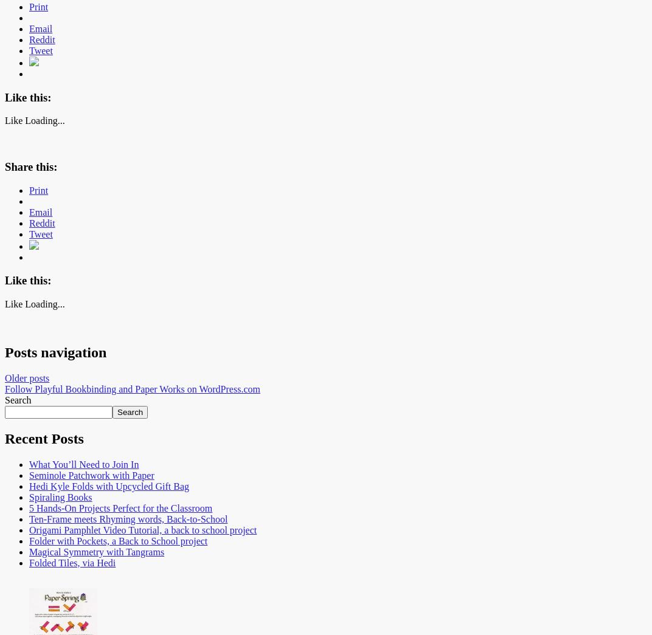  I want to click on 'Follow Playful Bookbinding and Paper Works on WordPress.com', so click(4, 388).